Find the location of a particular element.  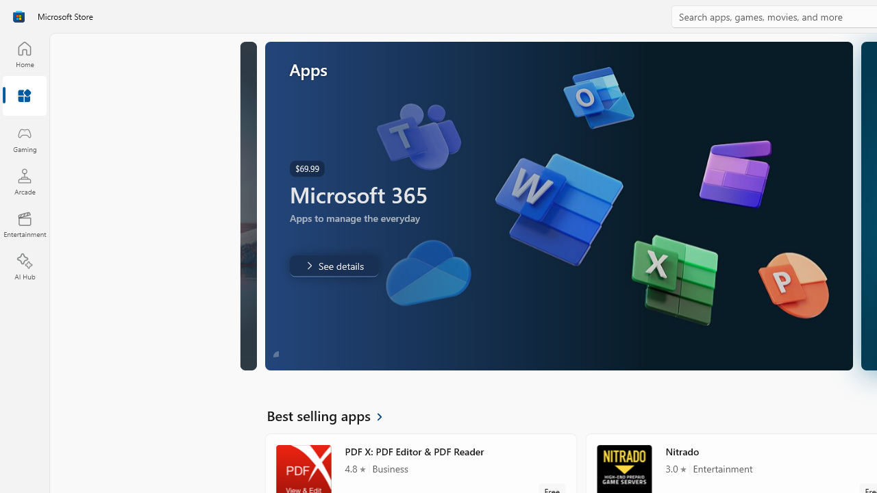

'Class: Image' is located at coordinates (18, 16).